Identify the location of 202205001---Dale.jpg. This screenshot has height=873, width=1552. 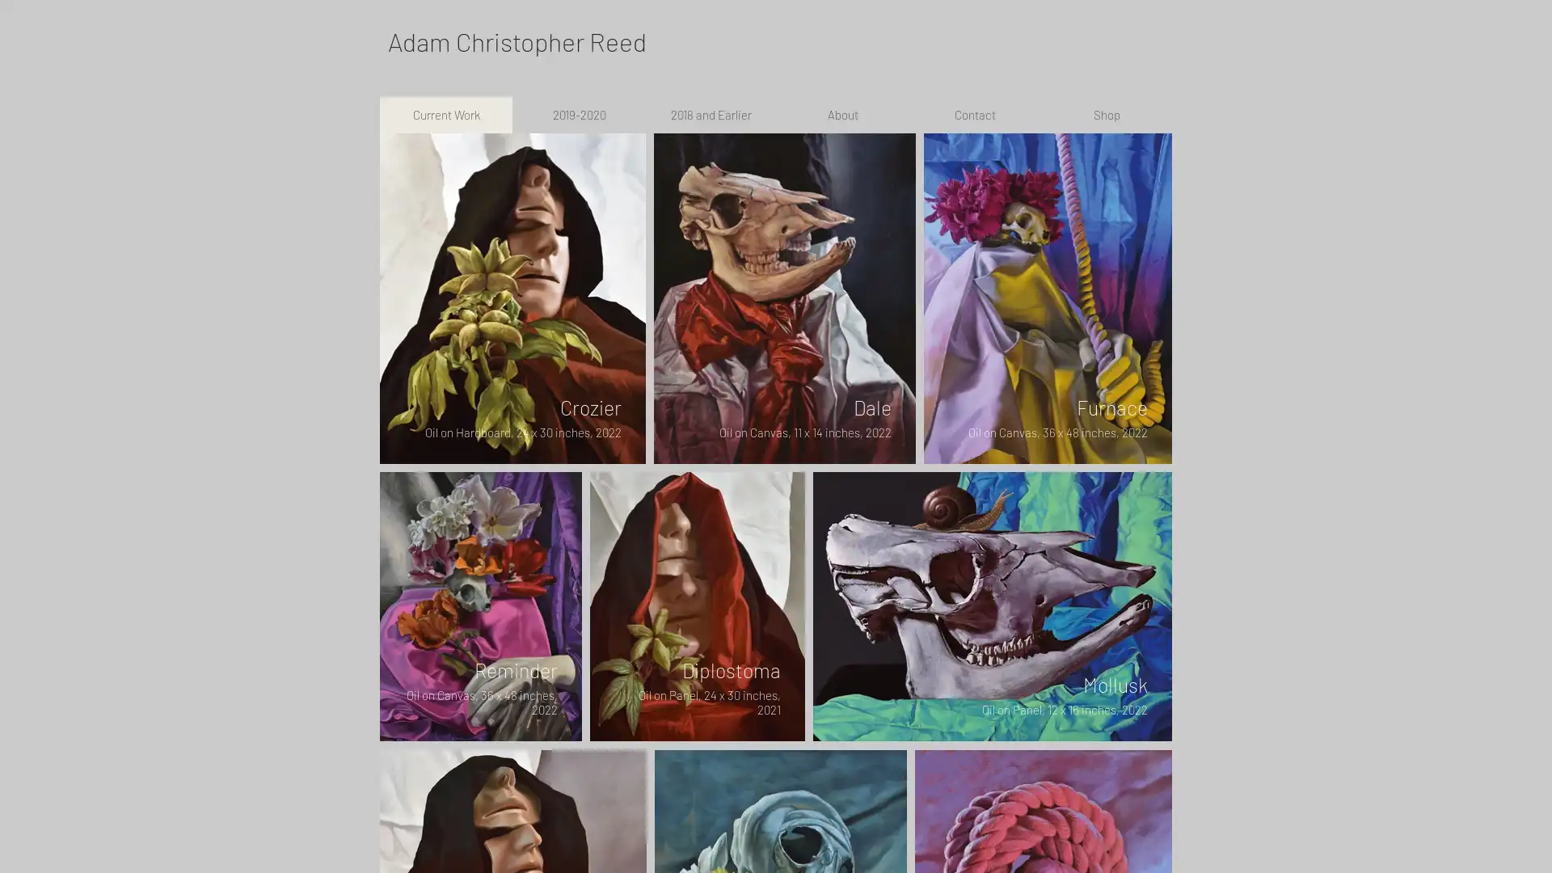
(784, 298).